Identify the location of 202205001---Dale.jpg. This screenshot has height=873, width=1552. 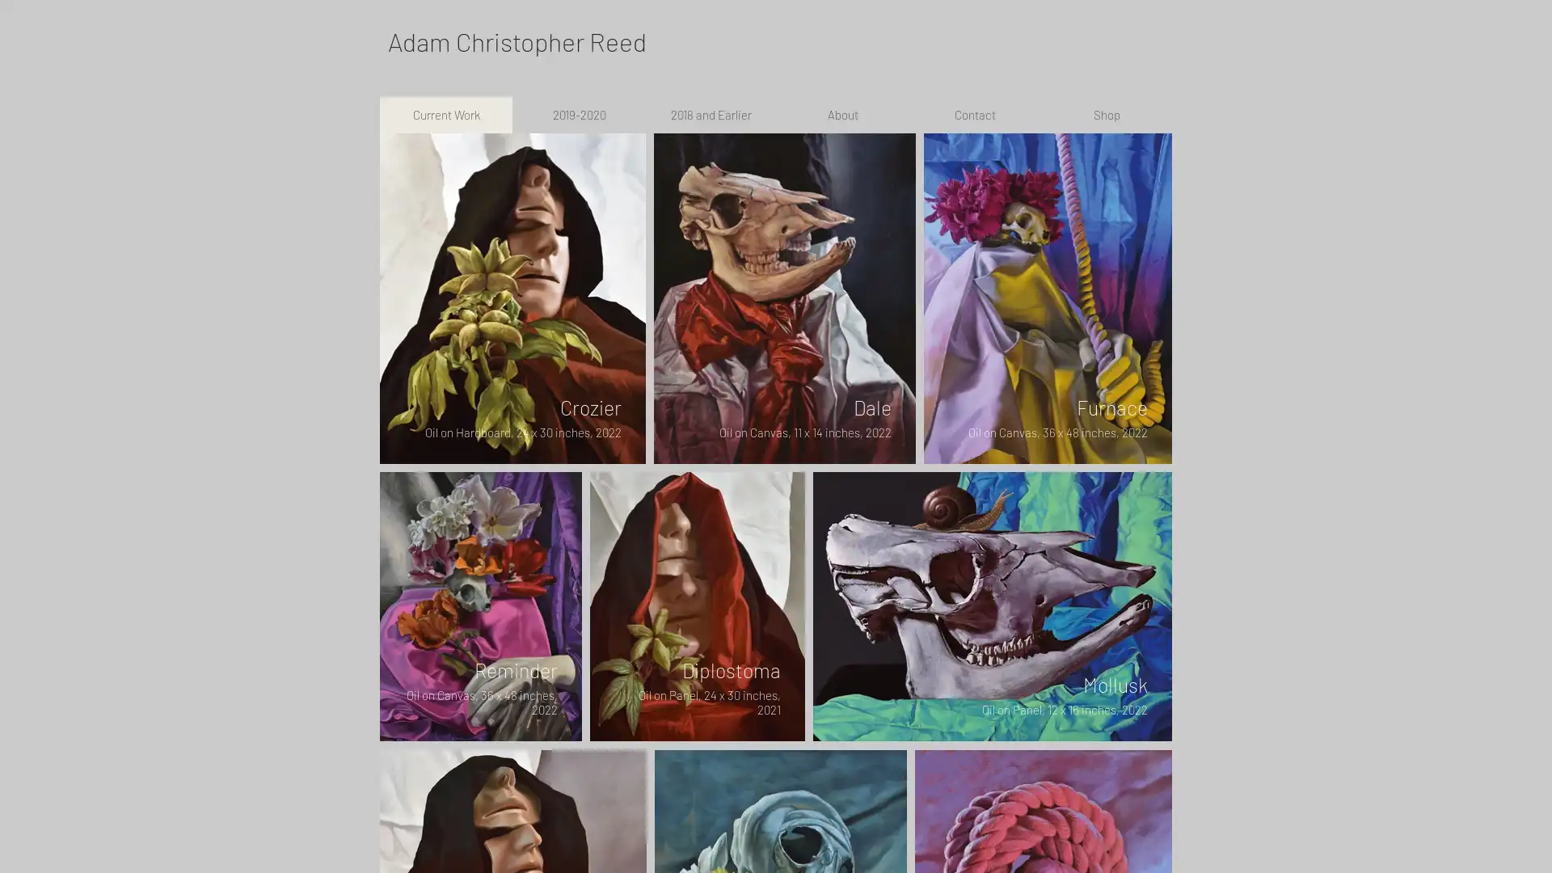
(784, 298).